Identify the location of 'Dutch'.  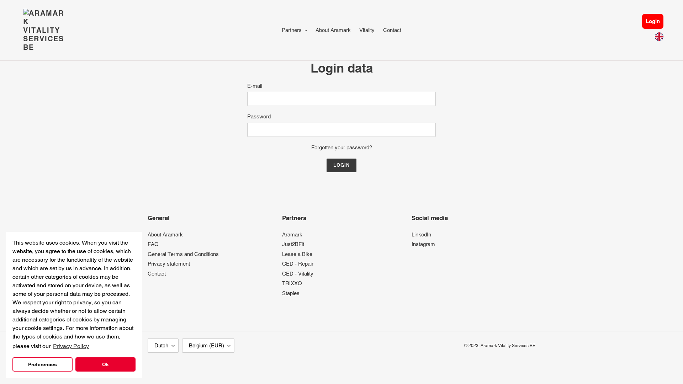
(163, 345).